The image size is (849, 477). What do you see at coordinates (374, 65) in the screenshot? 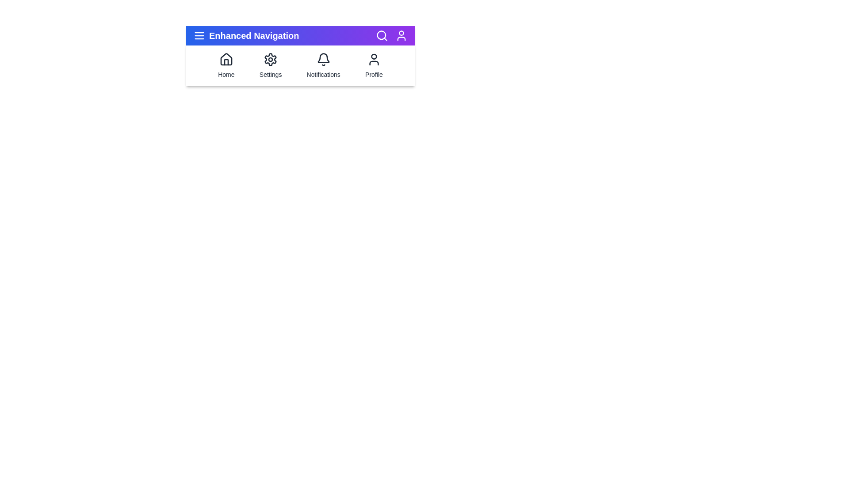
I see `the navigation item Profile` at bounding box center [374, 65].